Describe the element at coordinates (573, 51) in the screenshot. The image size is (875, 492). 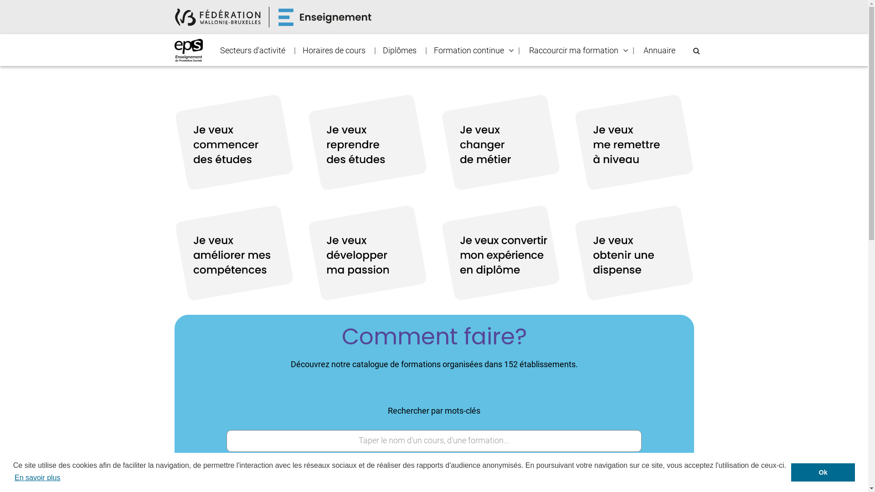
I see `'Raccourcir ma formation'` at that location.